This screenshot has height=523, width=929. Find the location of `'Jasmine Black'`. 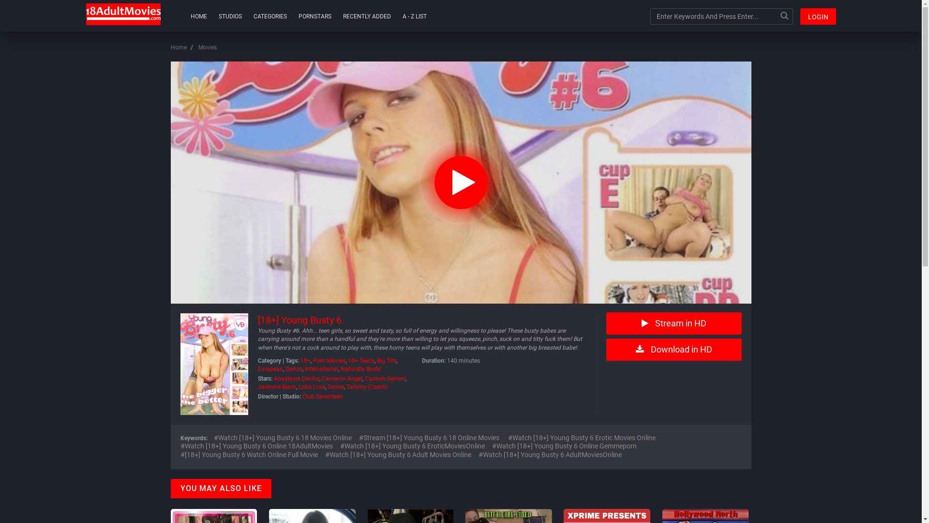

'Jasmine Black' is located at coordinates (276, 386).